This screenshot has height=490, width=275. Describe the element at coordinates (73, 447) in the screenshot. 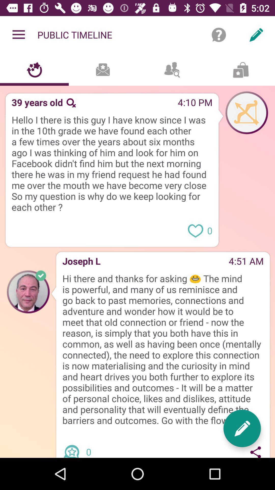

I see `share article` at that location.